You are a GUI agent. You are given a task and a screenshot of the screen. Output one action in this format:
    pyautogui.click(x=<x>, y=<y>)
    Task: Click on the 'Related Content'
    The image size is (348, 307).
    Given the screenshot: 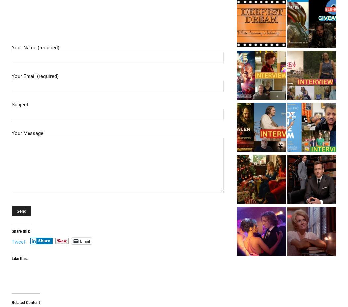 What is the action you would take?
    pyautogui.click(x=11, y=302)
    